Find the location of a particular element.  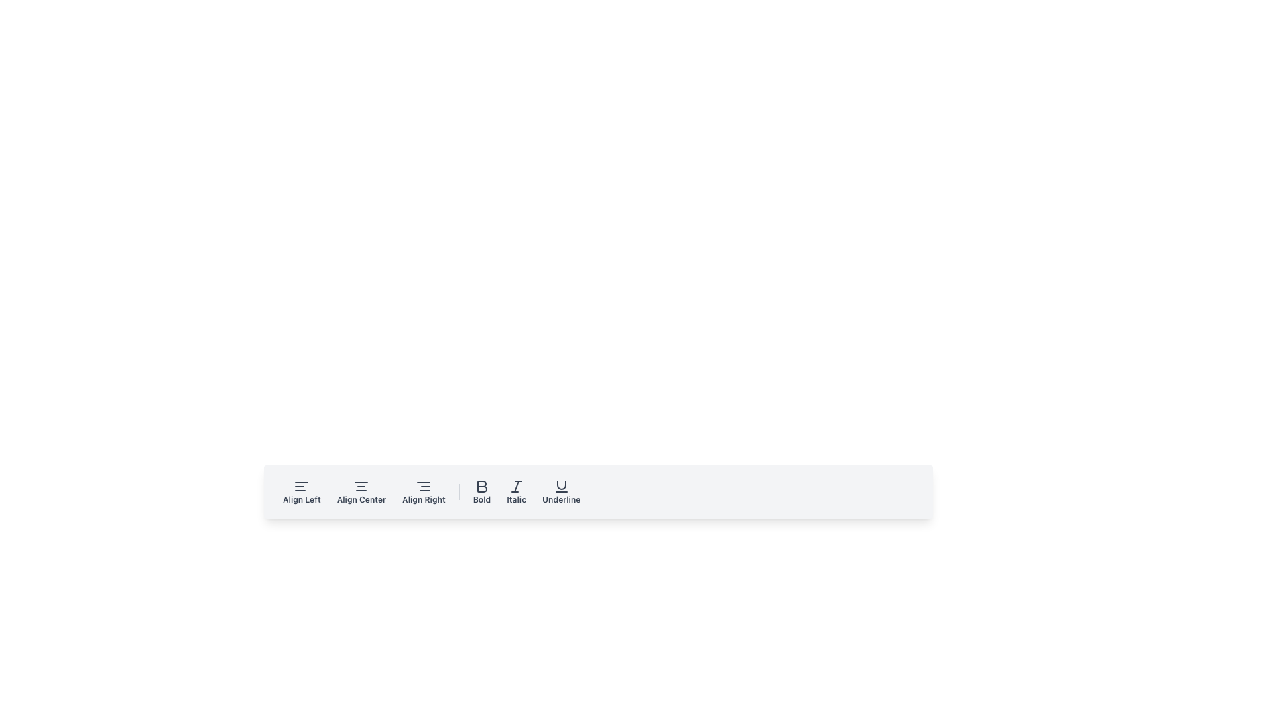

the 'Align Center' text label button, which is styled with a small, bold font and is located in the toolbar between 'Align Left' and 'Align Right' is located at coordinates (361, 500).